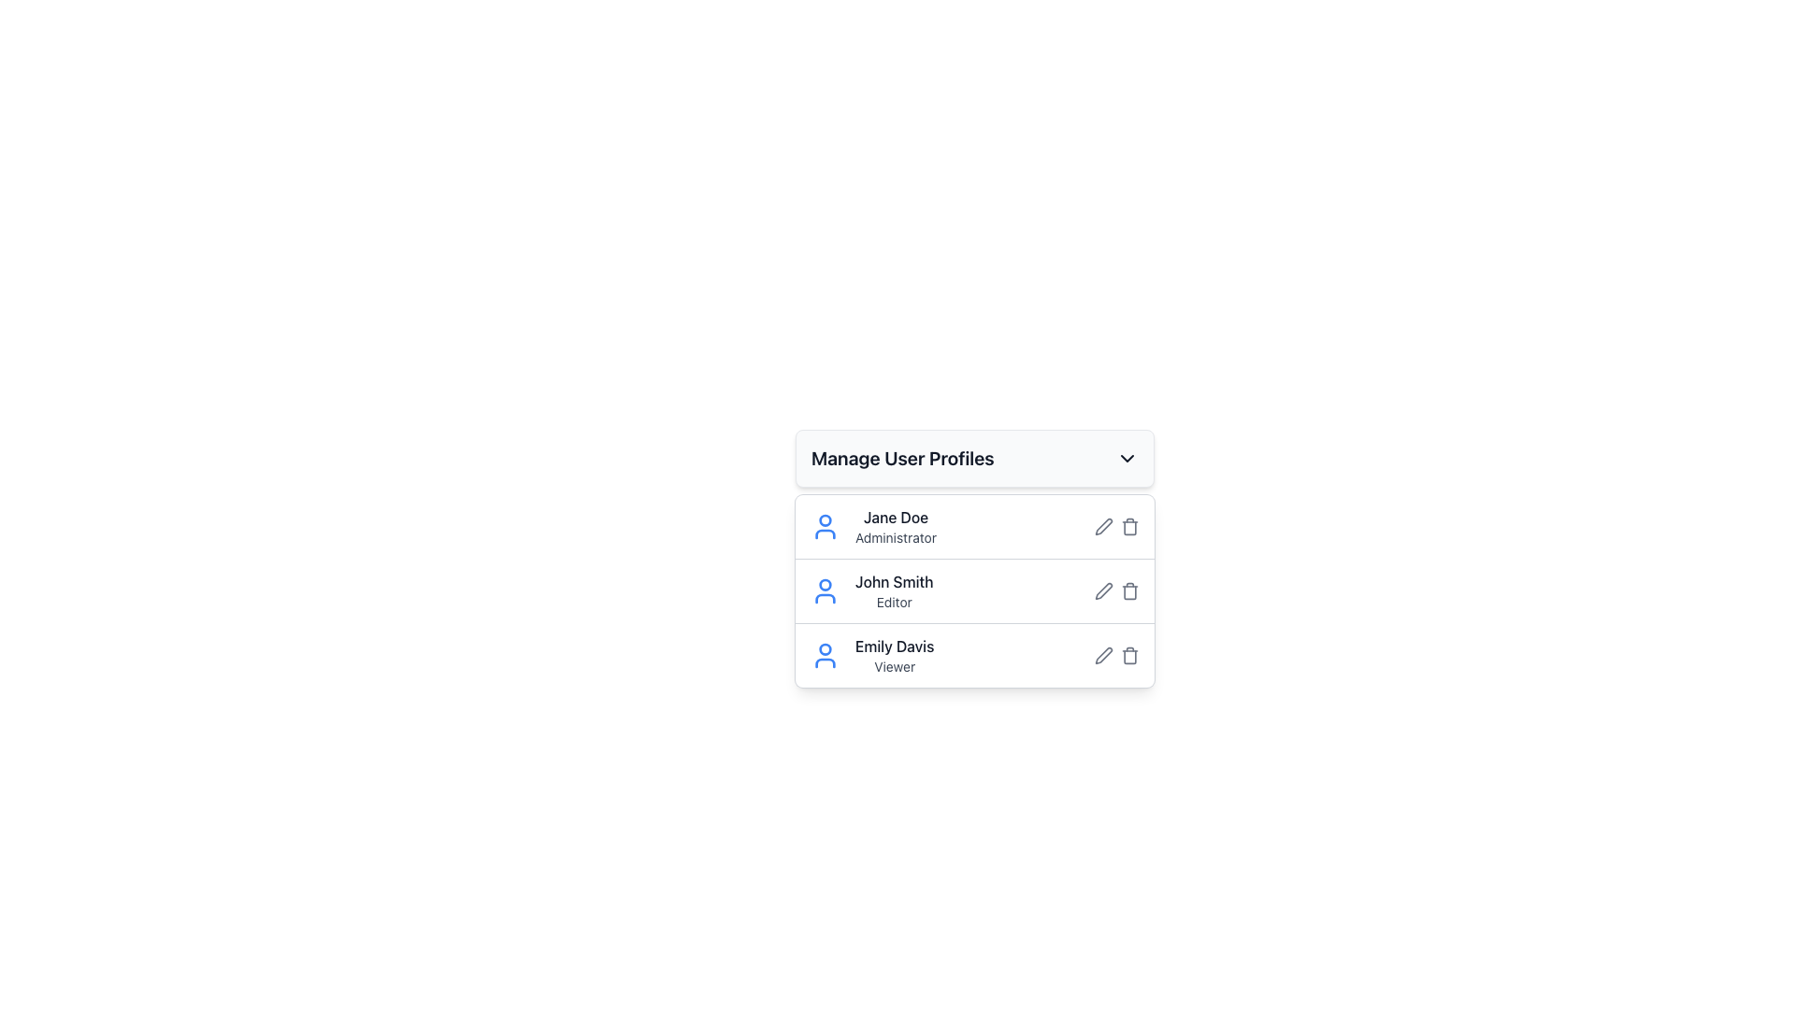  I want to click on the user profile icon for 'Emily Davis', which is a blue silhouette icon located in the third row under 'Manage User Profiles', so click(825, 655).